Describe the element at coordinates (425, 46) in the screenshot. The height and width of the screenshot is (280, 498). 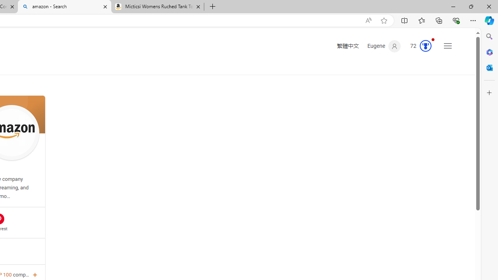
I see `'AutomationID: rh_meter'` at that location.